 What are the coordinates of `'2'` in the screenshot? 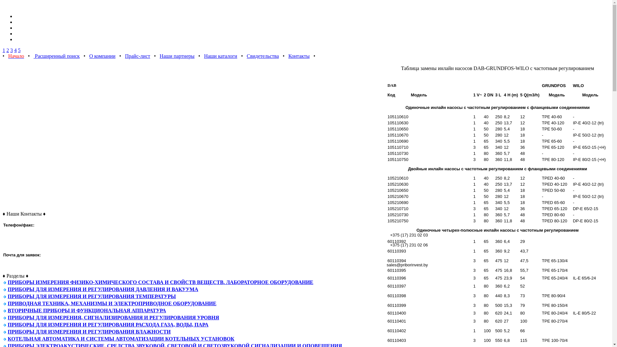 It's located at (8, 50).